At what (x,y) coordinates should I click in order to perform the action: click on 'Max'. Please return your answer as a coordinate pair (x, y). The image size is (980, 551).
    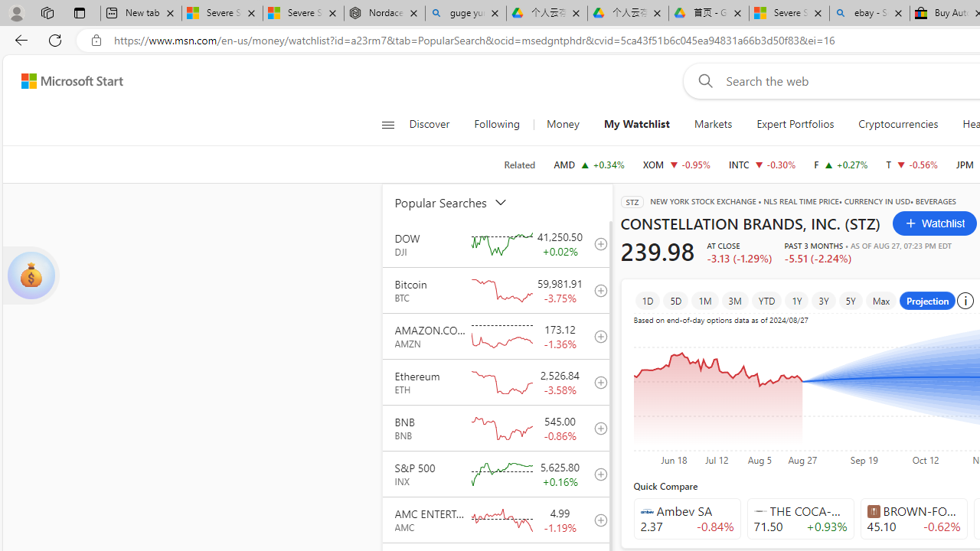
    Looking at the image, I should click on (881, 300).